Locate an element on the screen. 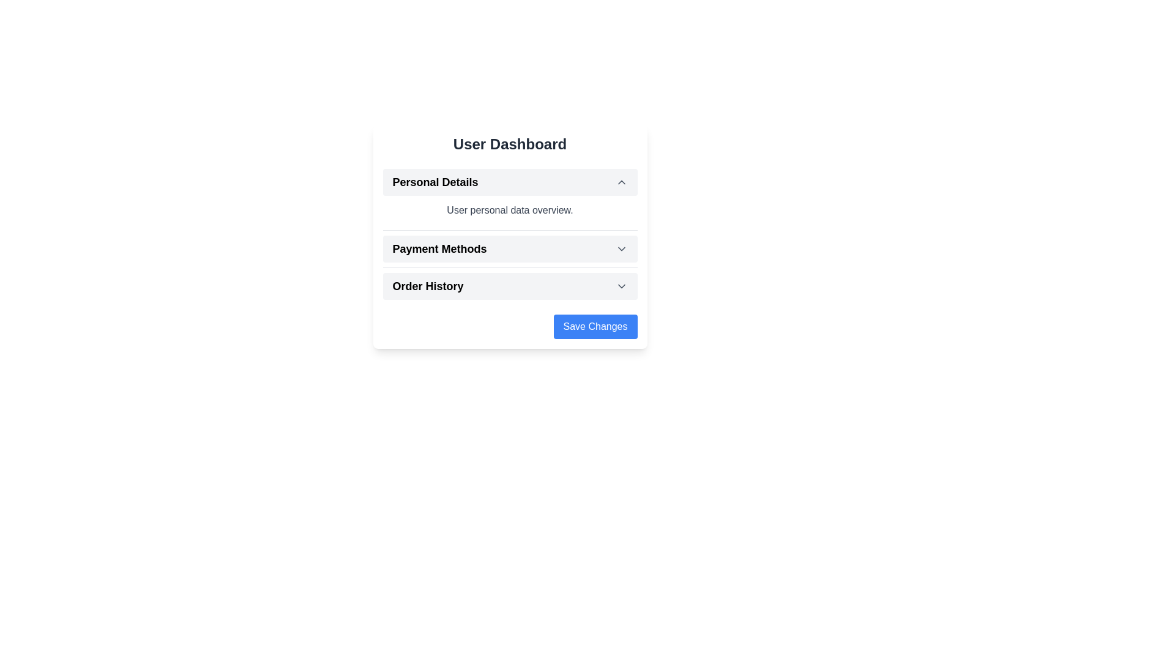 The image size is (1175, 661). the 'Personal Details' text label for accessibility purposes is located at coordinates (435, 182).